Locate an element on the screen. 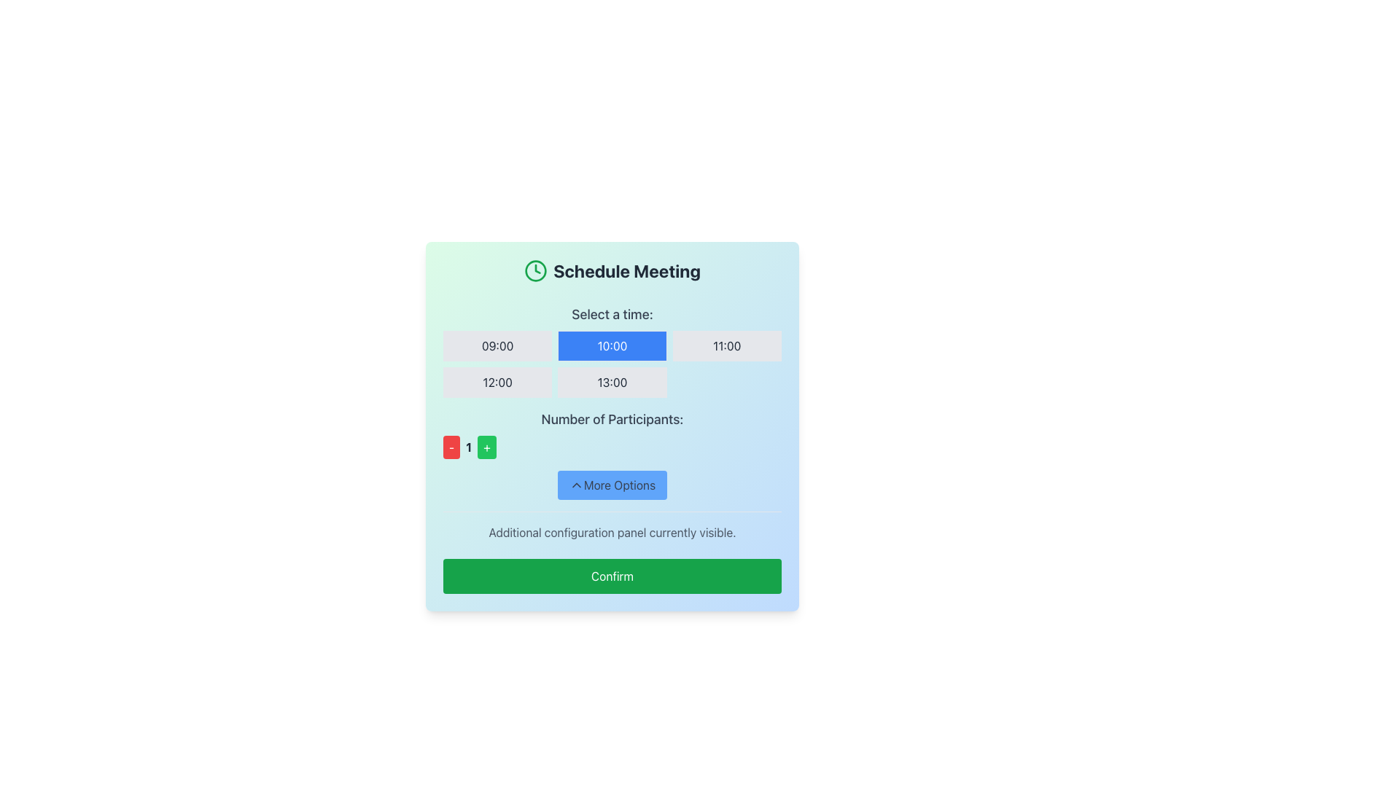 Image resolution: width=1400 pixels, height=787 pixels. the static text element displaying the current numeric value of the counter, which is located between the '-' and '+' buttons under the heading 'Number of Participants:' on a blue gradient panel is located at coordinates (469, 446).